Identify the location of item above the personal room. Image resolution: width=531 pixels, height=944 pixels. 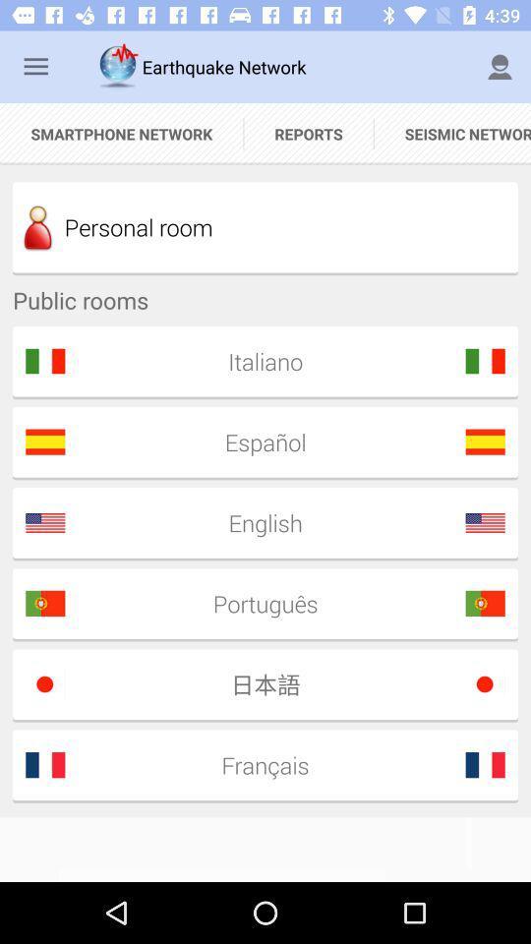
(309, 133).